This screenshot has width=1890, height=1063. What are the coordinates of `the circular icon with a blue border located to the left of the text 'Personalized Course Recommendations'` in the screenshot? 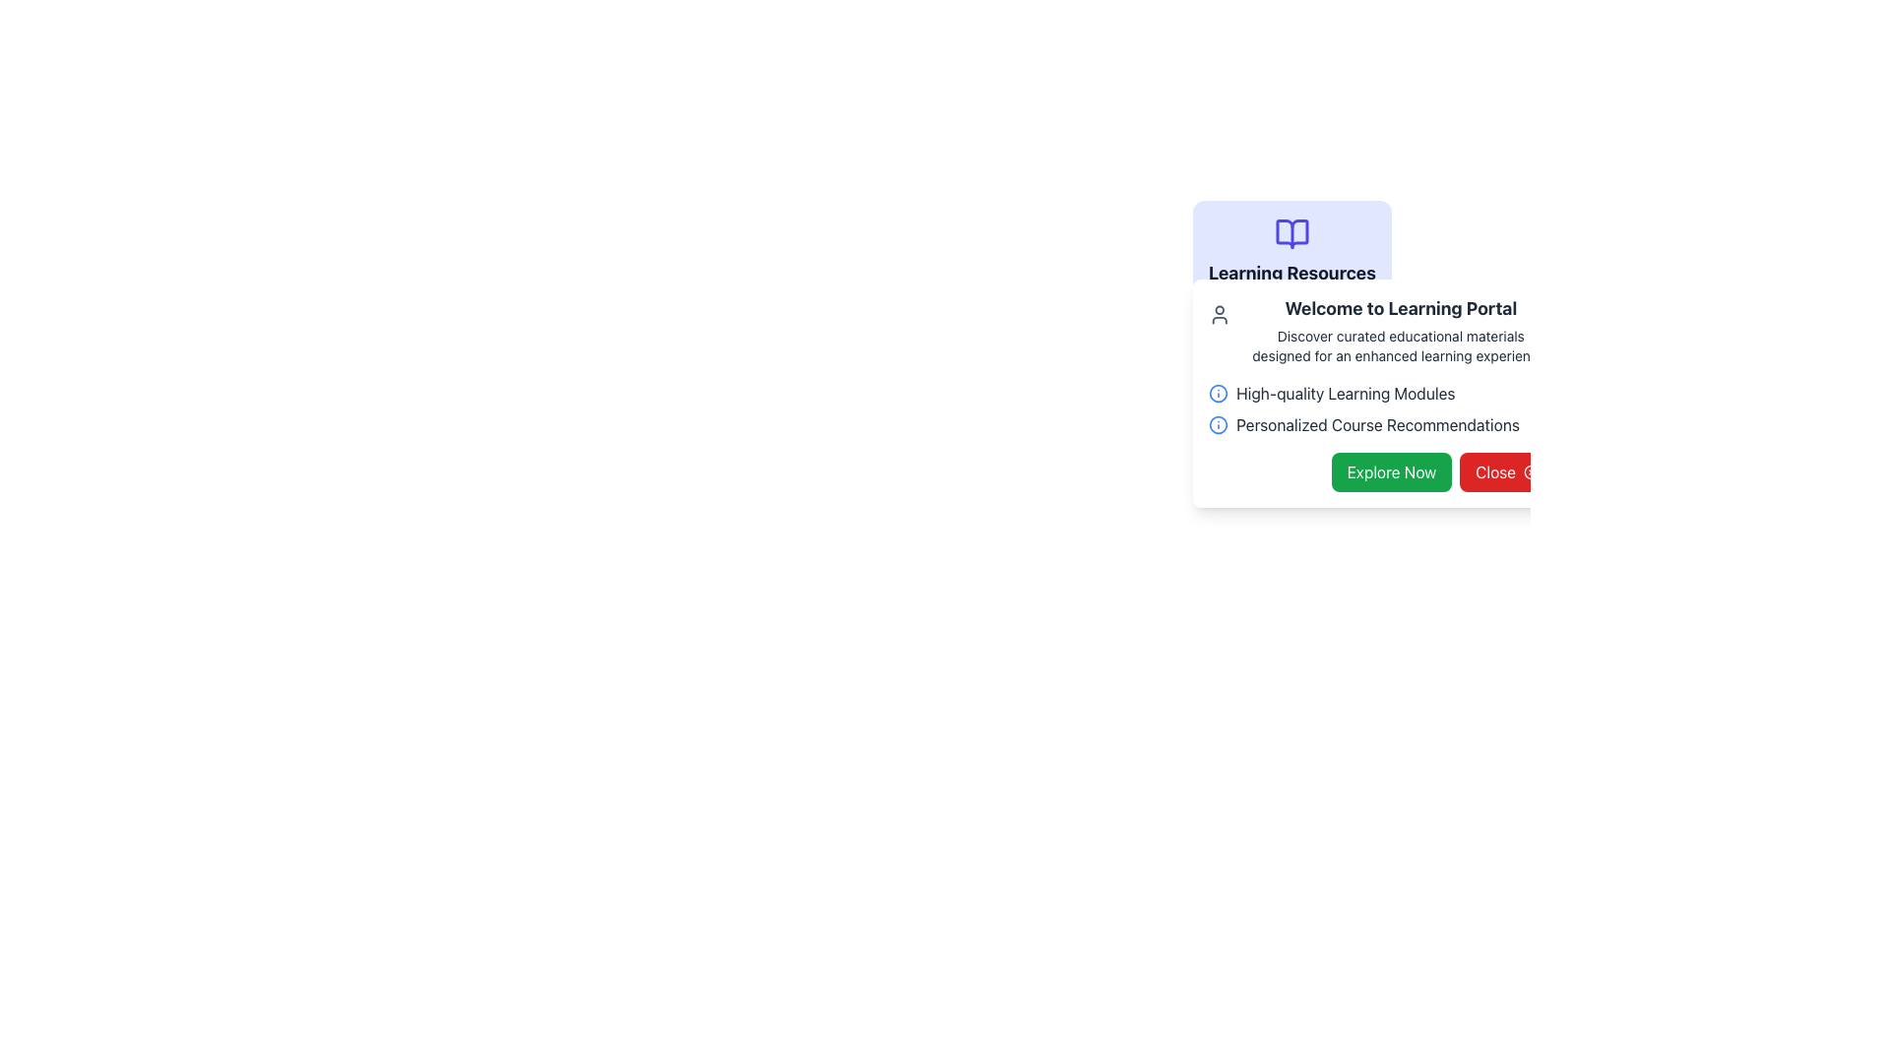 It's located at (1218, 424).